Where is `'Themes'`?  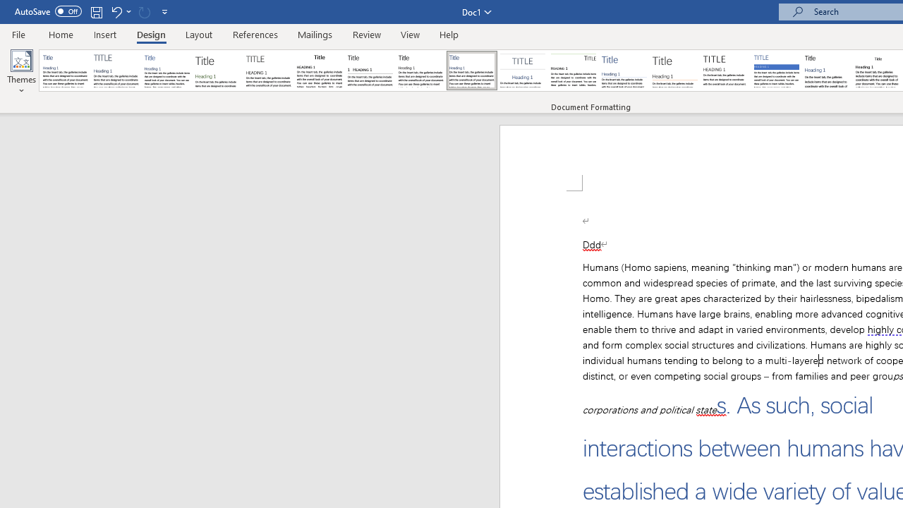
'Themes' is located at coordinates (21, 73).